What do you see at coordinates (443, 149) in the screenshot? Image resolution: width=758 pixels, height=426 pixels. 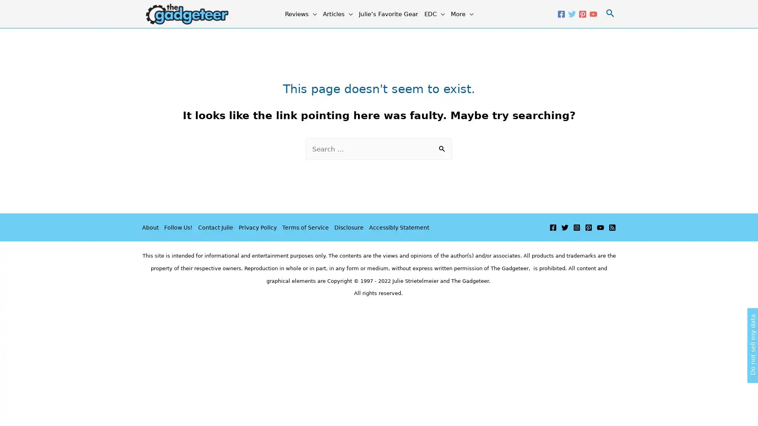 I see `Search` at bounding box center [443, 149].